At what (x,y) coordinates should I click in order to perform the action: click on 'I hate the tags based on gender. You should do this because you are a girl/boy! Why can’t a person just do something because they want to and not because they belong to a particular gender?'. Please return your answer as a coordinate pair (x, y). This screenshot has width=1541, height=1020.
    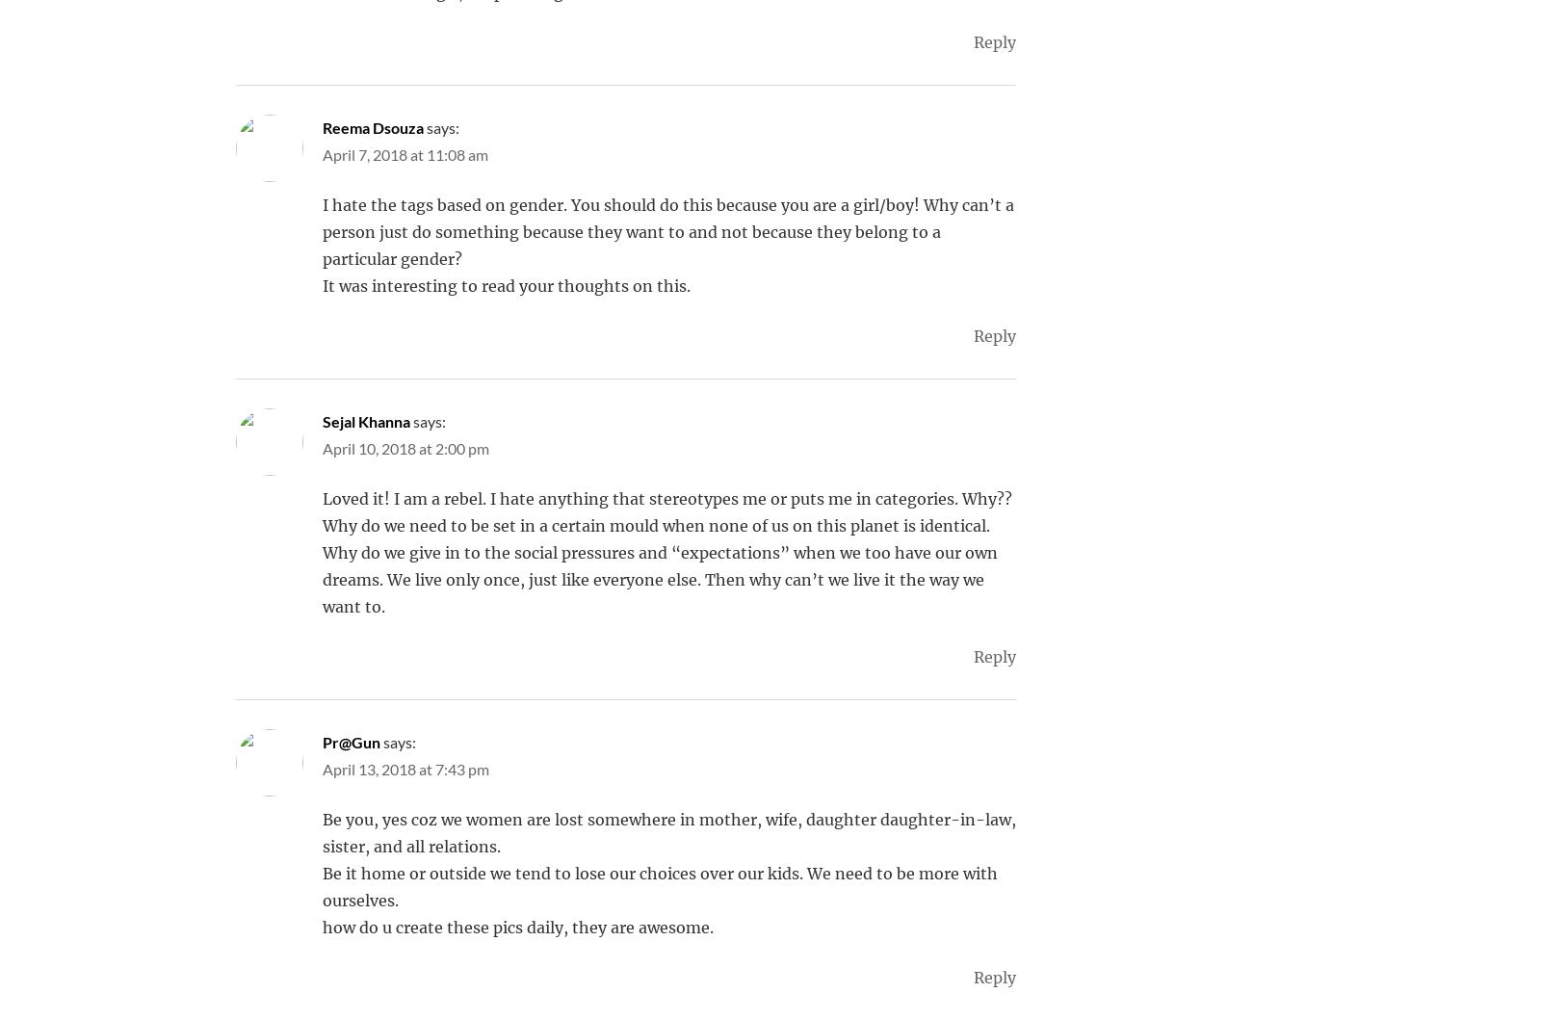
    Looking at the image, I should click on (667, 232).